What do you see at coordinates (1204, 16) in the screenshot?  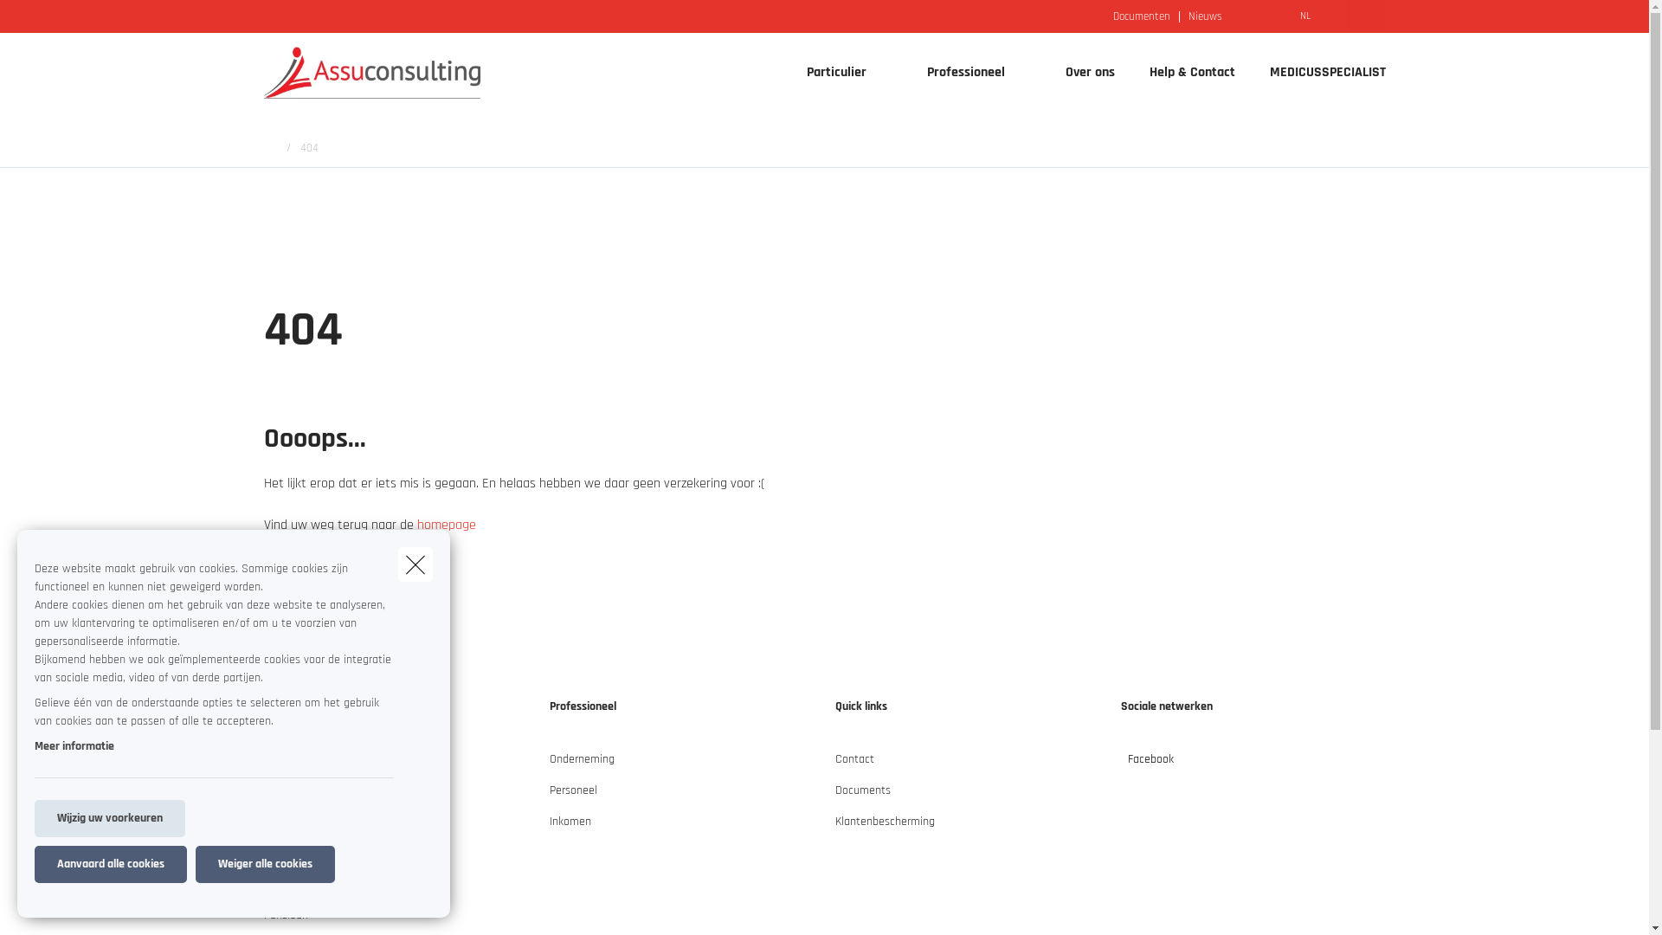 I see `'Nieuws'` at bounding box center [1204, 16].